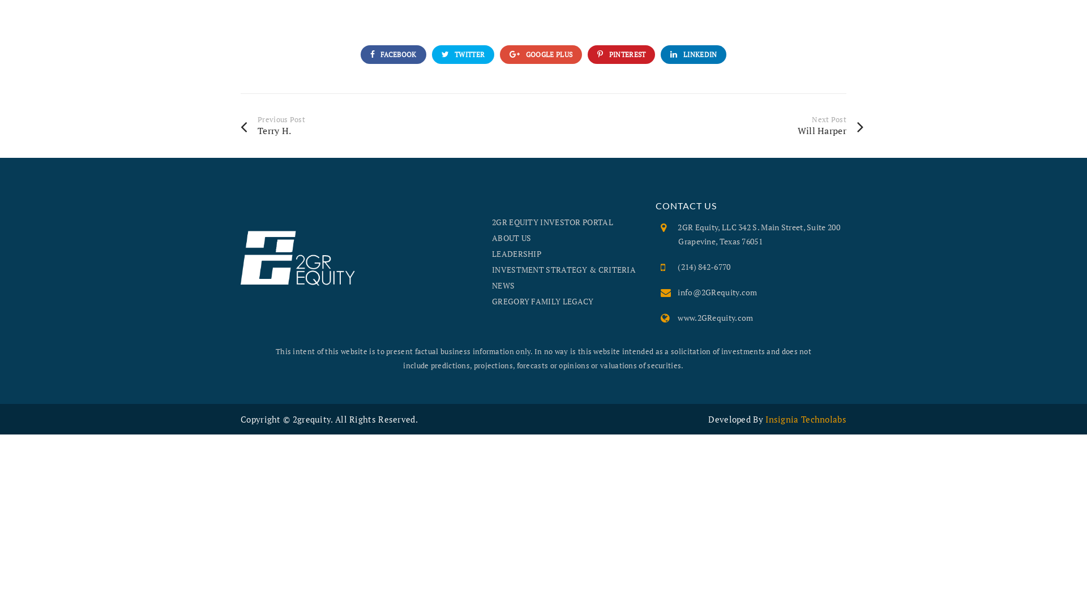  Describe the element at coordinates (714, 317) in the screenshot. I see `'www.2GRequity.com'` at that location.